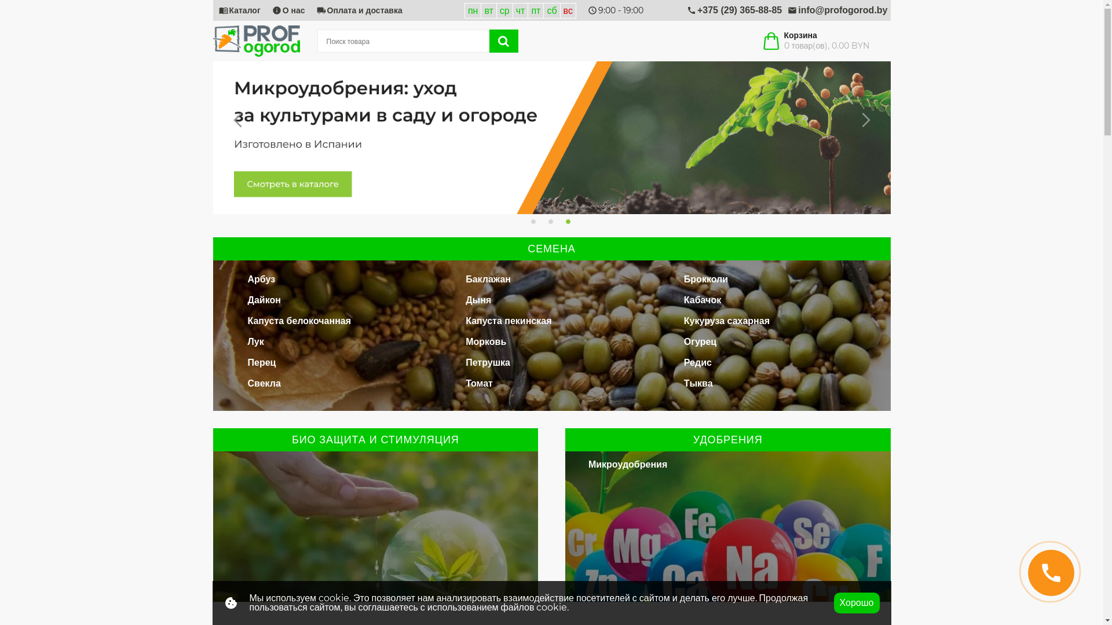  Describe the element at coordinates (837, 10) in the screenshot. I see `'mail` at that location.